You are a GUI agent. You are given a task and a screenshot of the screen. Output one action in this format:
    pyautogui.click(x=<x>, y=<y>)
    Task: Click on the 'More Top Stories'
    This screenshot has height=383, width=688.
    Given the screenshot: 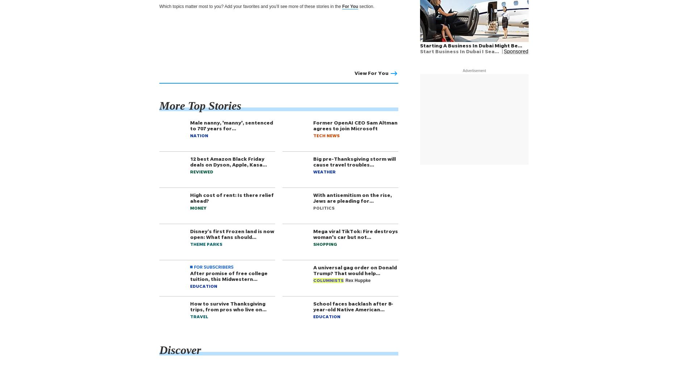 What is the action you would take?
    pyautogui.click(x=200, y=105)
    